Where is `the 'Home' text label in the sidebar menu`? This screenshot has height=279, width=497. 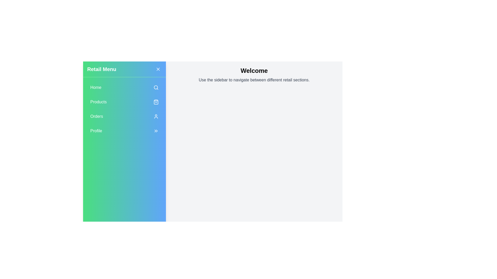
the 'Home' text label in the sidebar menu is located at coordinates (96, 87).